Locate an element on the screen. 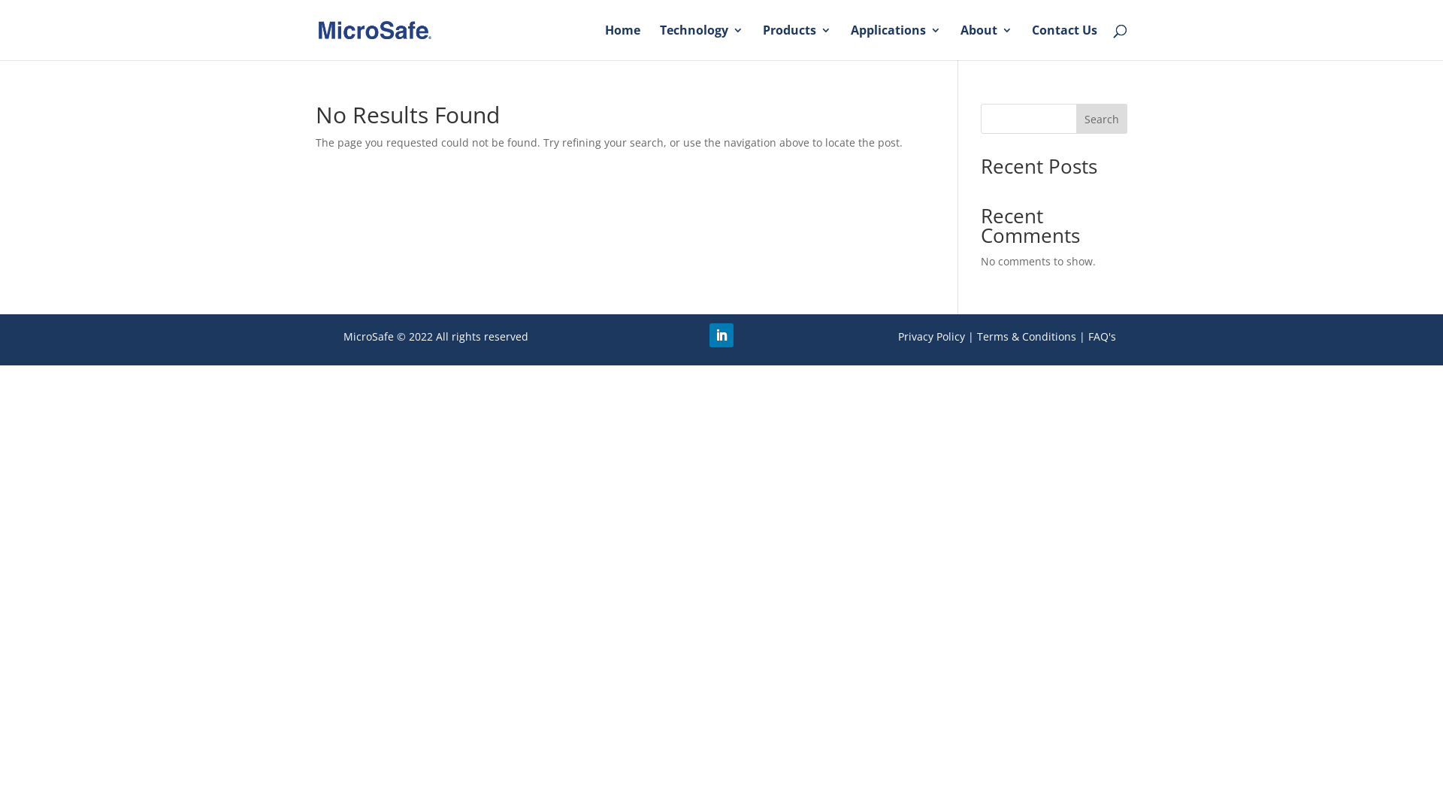 The width and height of the screenshot is (1443, 812). 'Contact Us' is located at coordinates (1063, 41).